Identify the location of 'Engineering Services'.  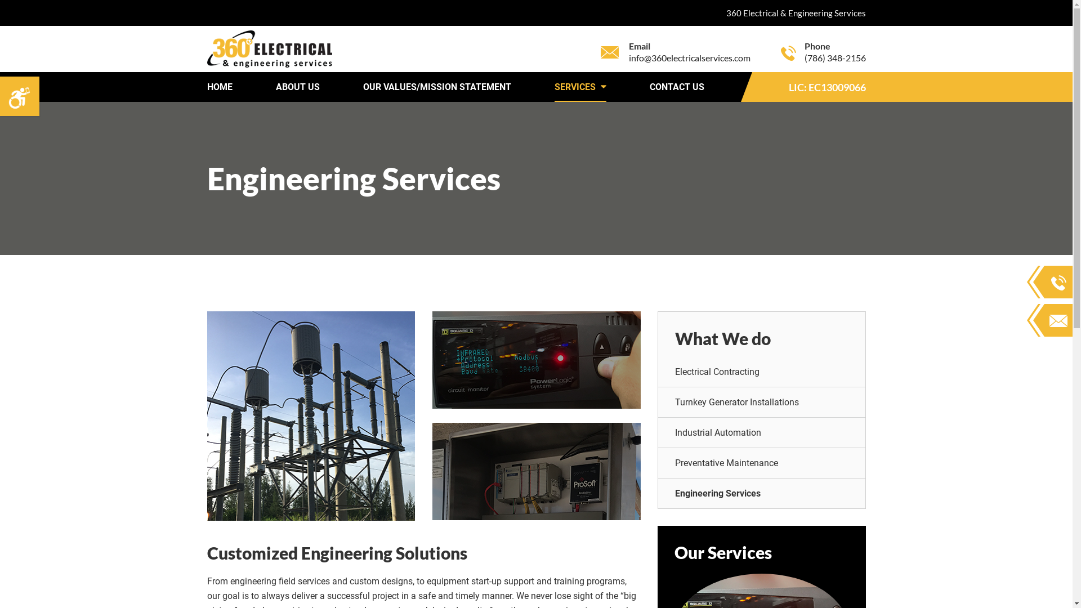
(761, 493).